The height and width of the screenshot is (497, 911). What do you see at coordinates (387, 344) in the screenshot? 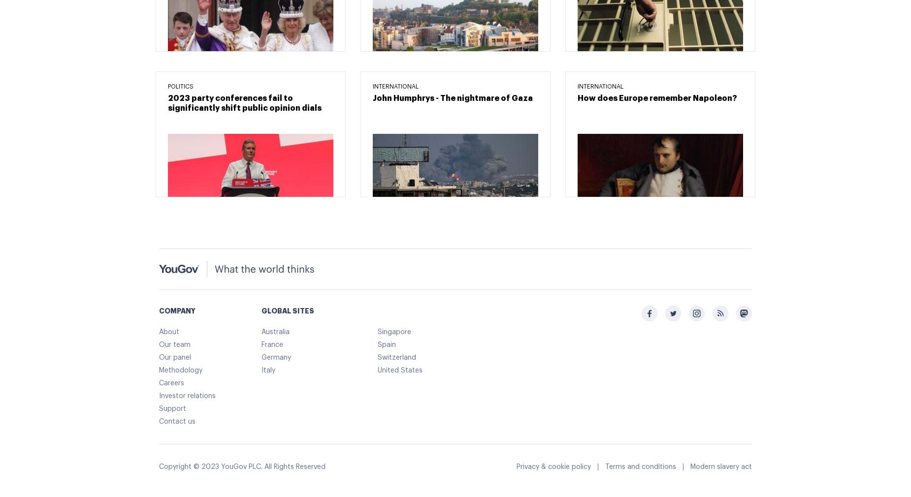
I see `'Spain'` at bounding box center [387, 344].